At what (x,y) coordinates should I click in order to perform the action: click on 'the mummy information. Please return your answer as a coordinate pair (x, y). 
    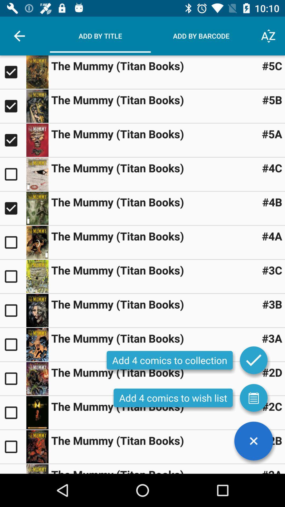
    Looking at the image, I should click on (37, 72).